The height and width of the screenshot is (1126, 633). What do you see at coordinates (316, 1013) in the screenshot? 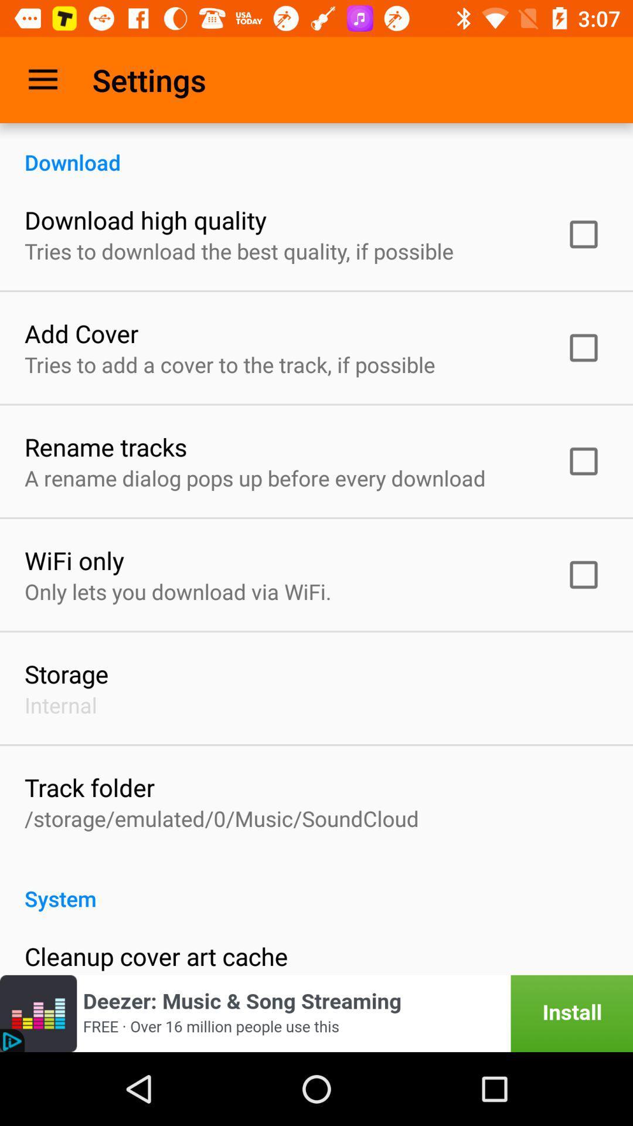
I see `commercial` at bounding box center [316, 1013].